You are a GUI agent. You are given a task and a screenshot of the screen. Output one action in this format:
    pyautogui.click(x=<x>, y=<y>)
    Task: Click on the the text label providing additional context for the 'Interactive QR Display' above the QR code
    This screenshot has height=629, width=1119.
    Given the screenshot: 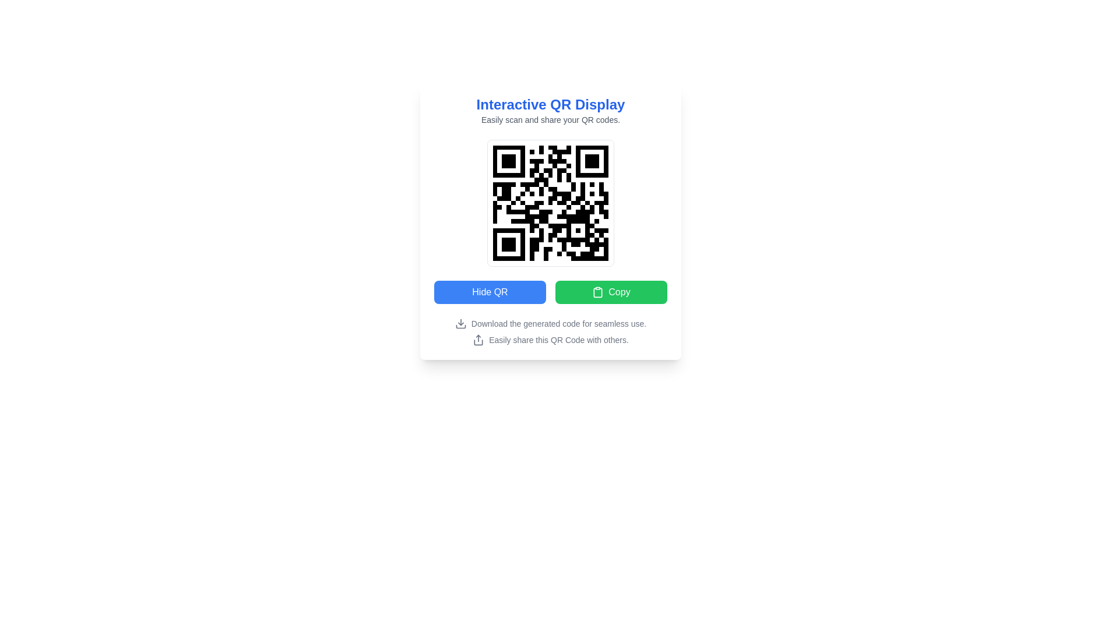 What is the action you would take?
    pyautogui.click(x=550, y=119)
    